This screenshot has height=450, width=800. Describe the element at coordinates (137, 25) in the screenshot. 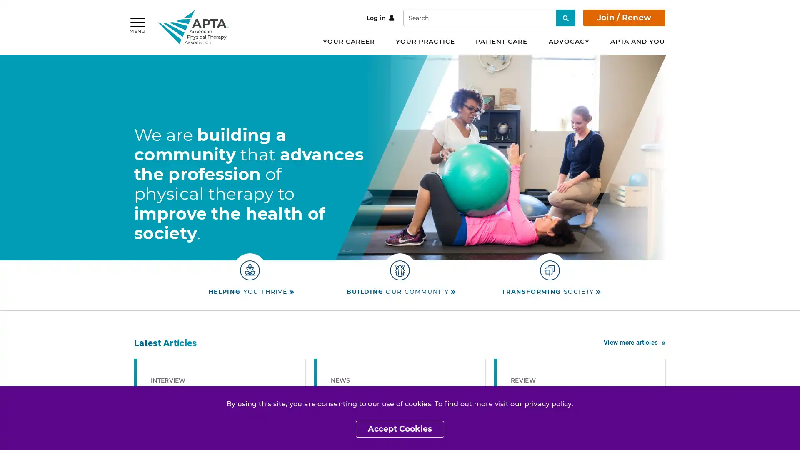

I see `MENU` at that location.